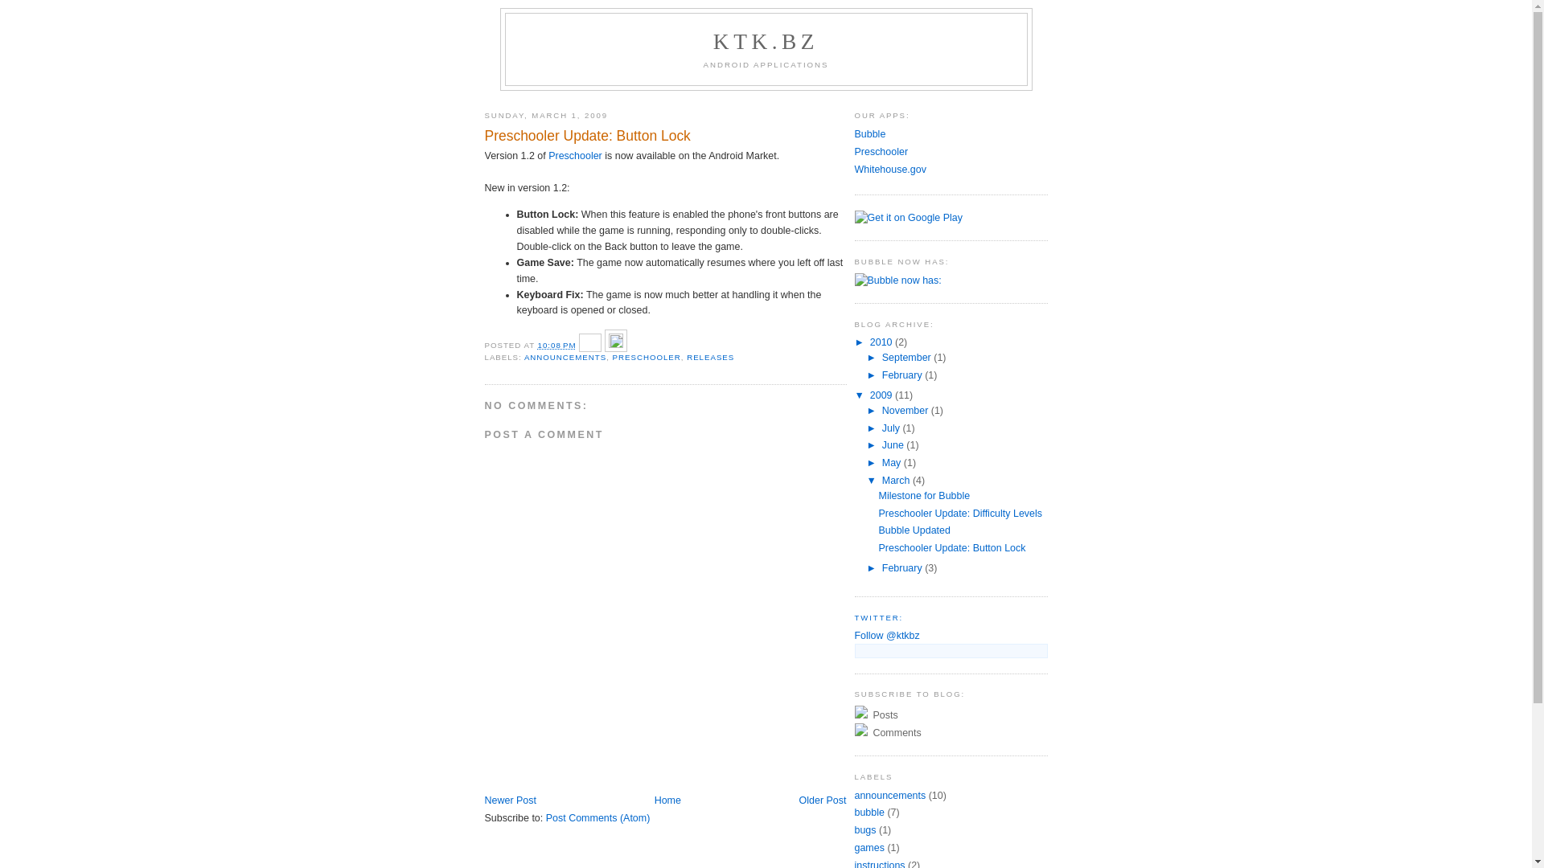 Image resolution: width=1544 pixels, height=868 pixels. What do you see at coordinates (894, 732) in the screenshot?
I see `'Comments'` at bounding box center [894, 732].